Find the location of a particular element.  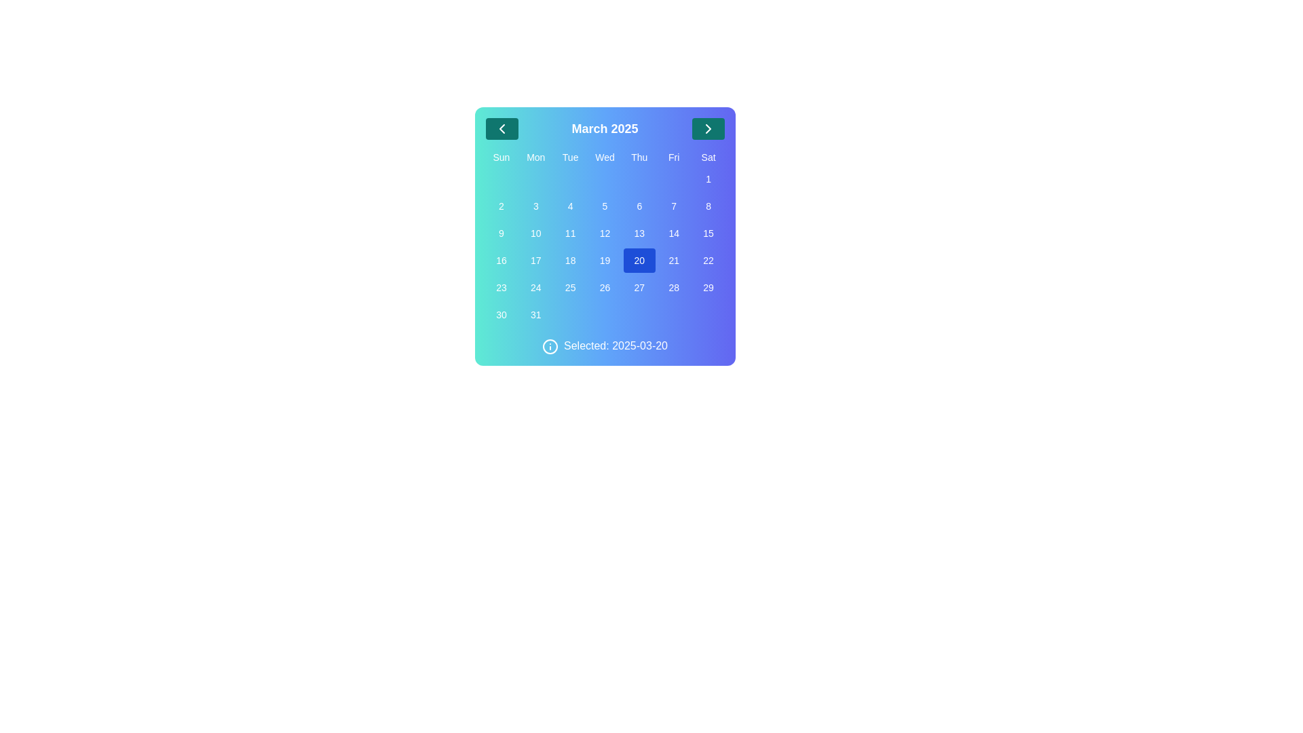

the TextLabel indicating Tuesday, which is the third day label in the weekday column of the calendar UI is located at coordinates (570, 156).